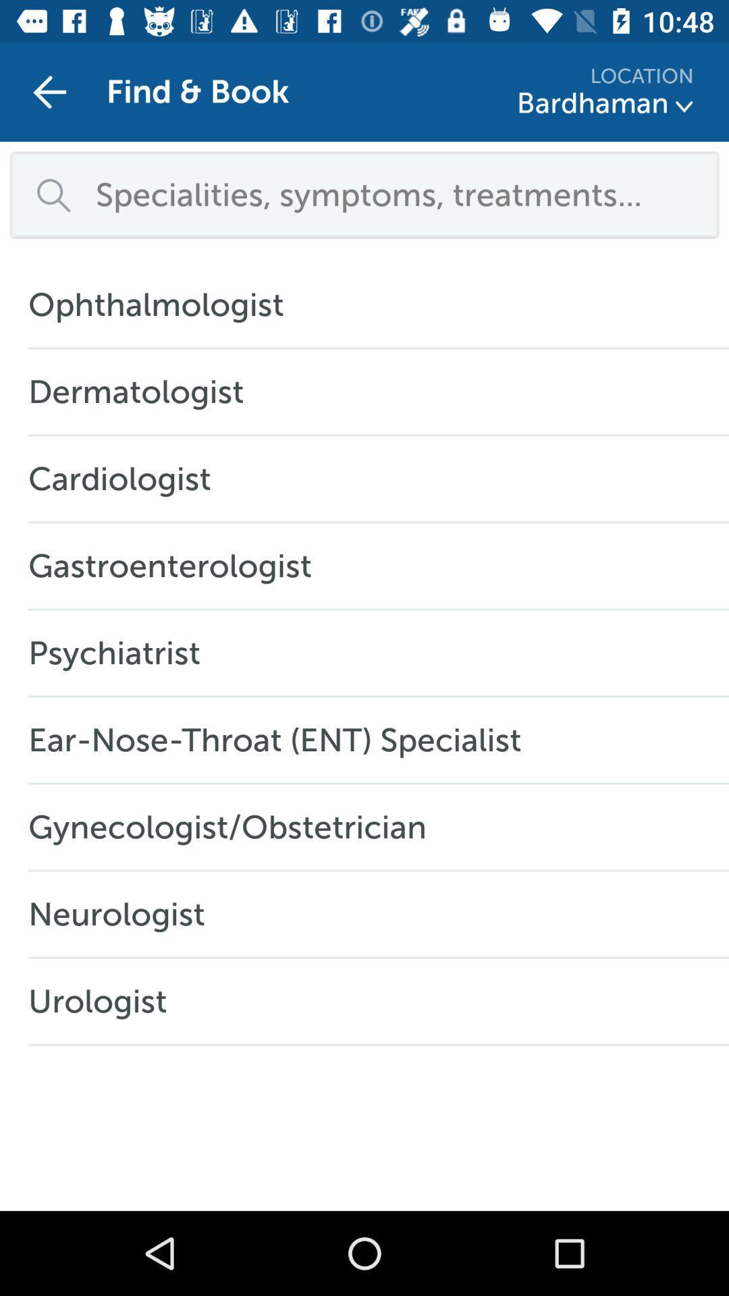 The width and height of the screenshot is (729, 1296). Describe the element at coordinates (397, 194) in the screenshot. I see `search details` at that location.